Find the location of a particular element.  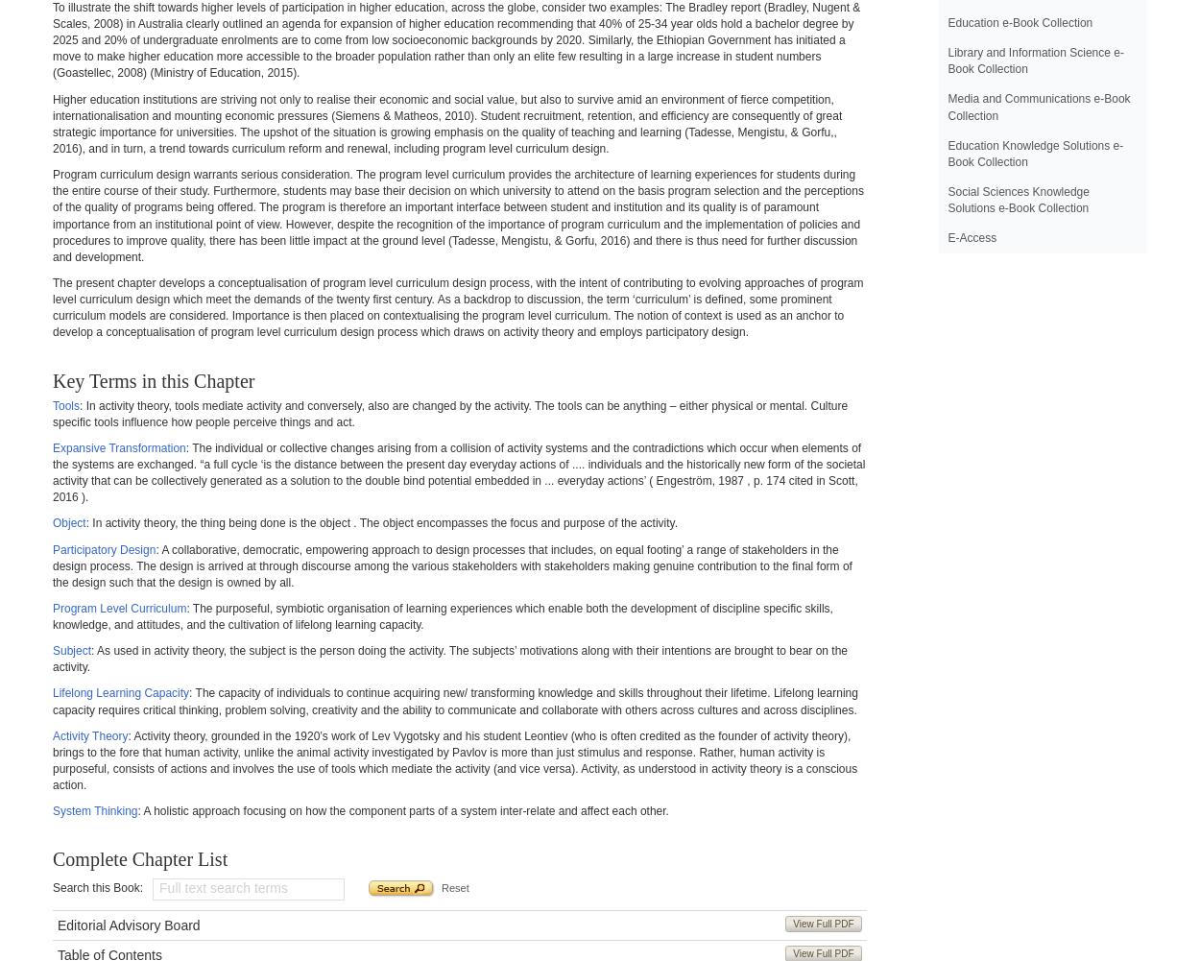

'Lifelong Learning Capacity' is located at coordinates (121, 693).